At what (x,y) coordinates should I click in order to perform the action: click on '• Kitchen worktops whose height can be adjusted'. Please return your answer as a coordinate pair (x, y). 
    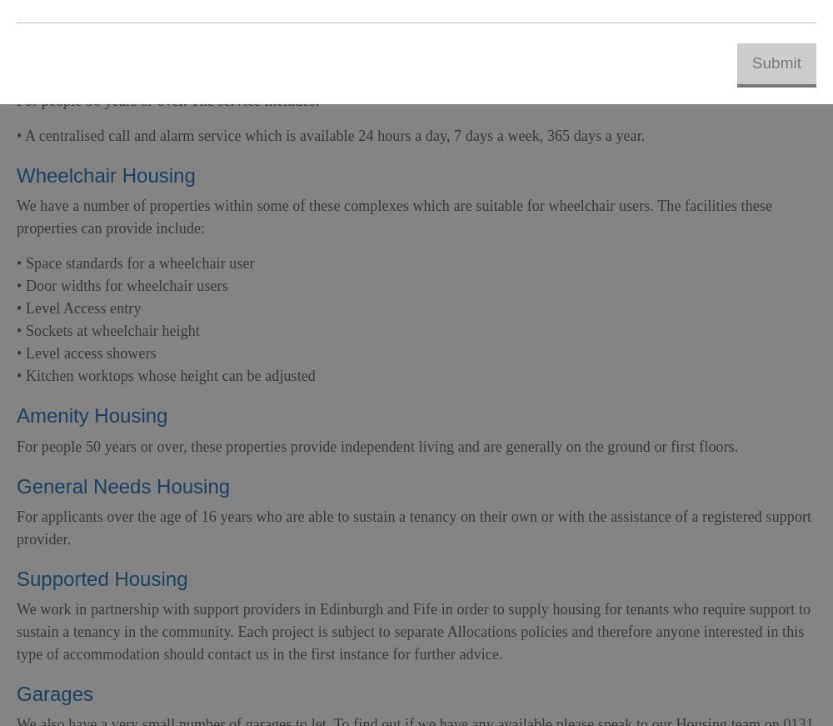
    Looking at the image, I should click on (165, 376).